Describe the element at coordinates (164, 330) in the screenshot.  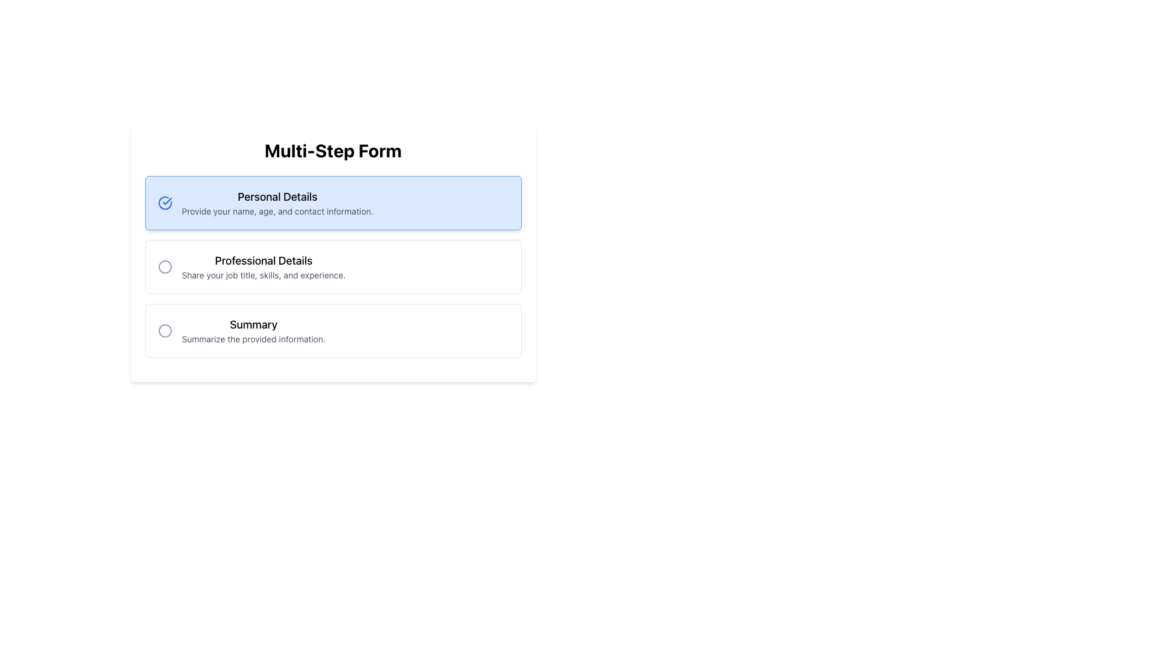
I see `the gray circular radio button located to the left of the 'Summary' title` at that location.